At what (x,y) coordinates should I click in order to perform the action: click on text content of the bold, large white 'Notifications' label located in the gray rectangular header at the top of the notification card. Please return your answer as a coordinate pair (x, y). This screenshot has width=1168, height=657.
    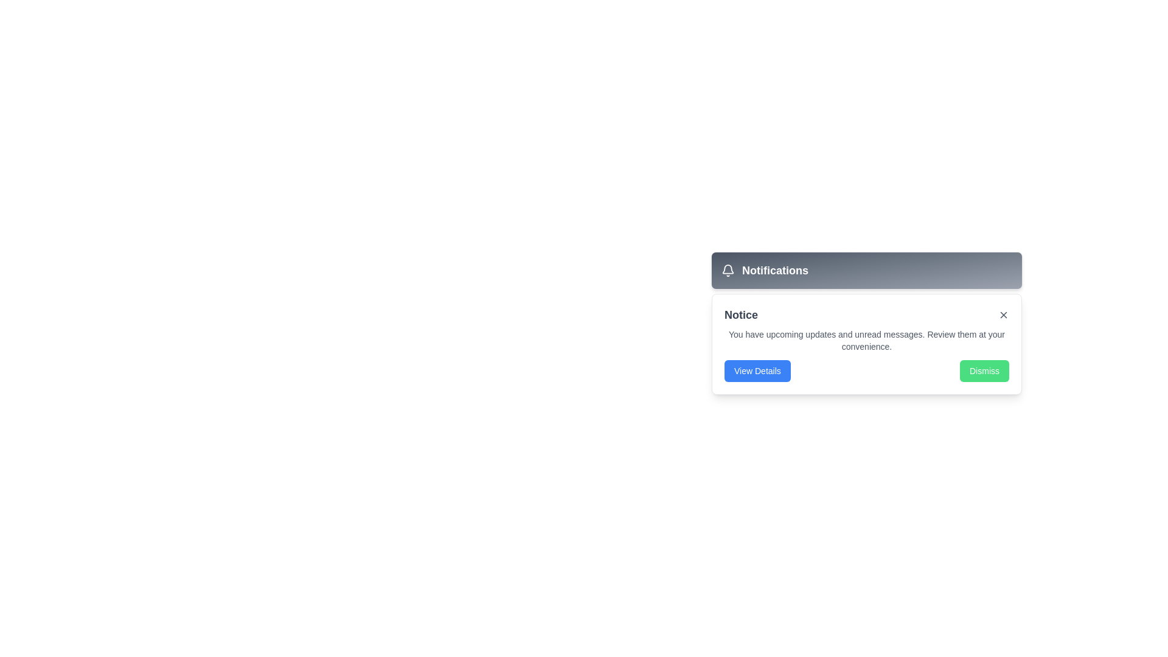
    Looking at the image, I should click on (774, 269).